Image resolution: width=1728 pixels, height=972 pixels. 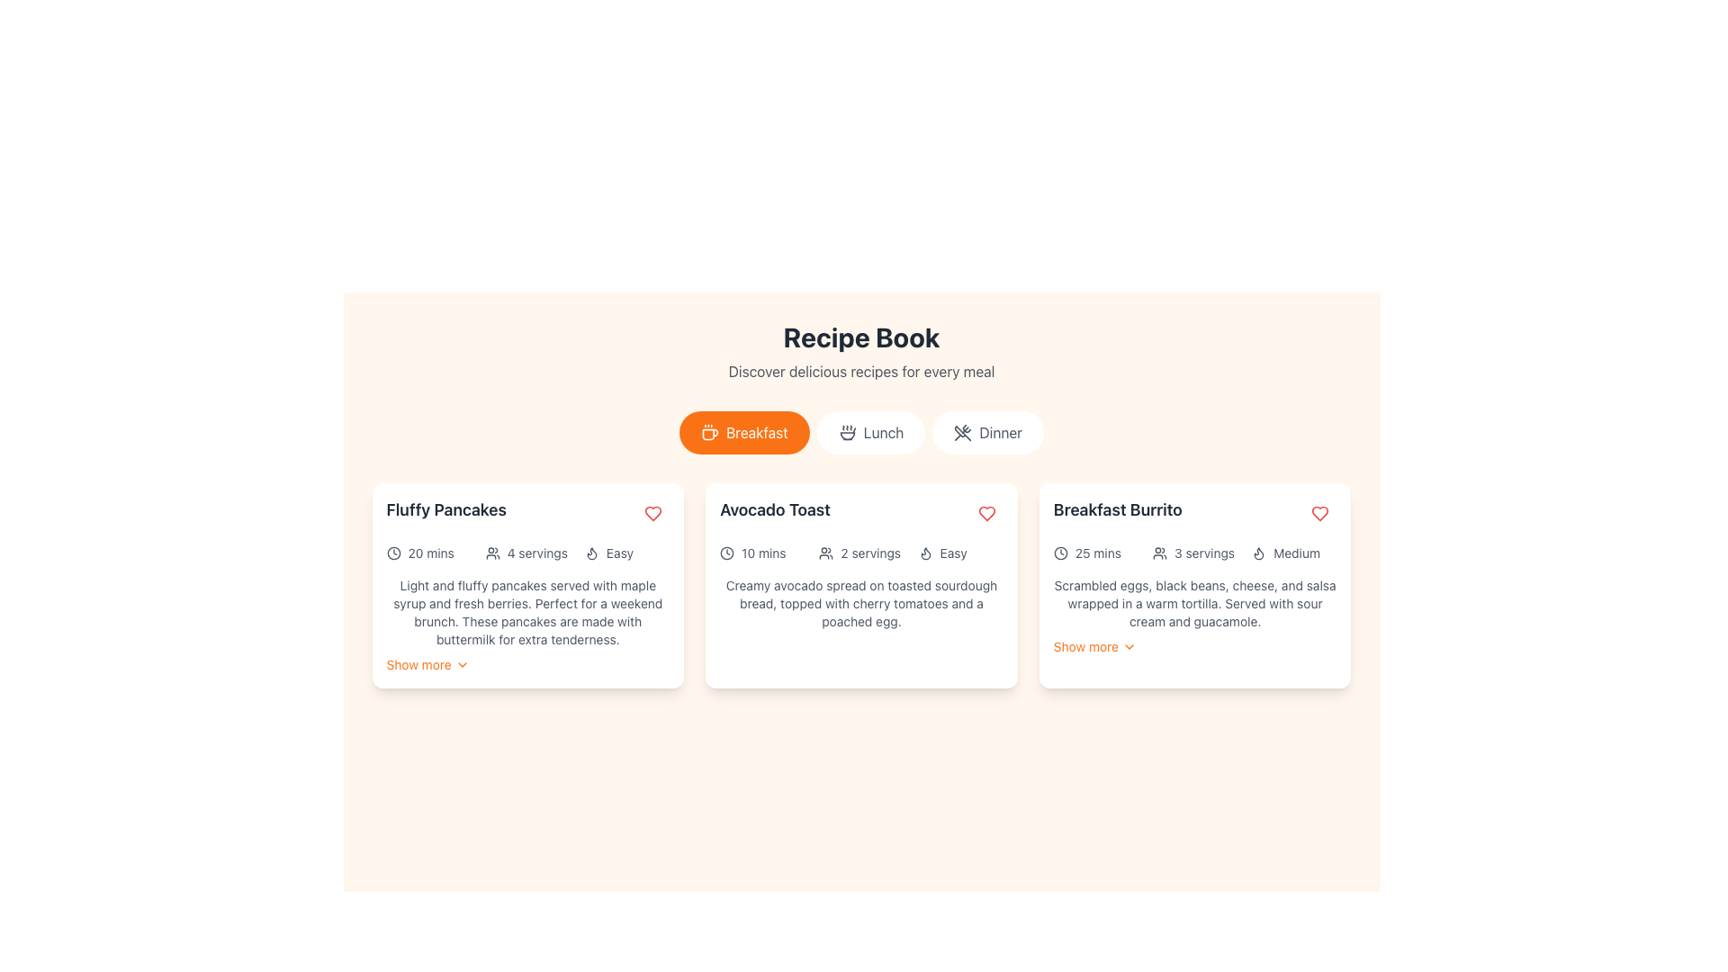 I want to click on the 'Dinner' button, which is a rounded button with a white background and a gray crossed utensils icon, located below the 'Recipe Book' header, so click(x=987, y=433).